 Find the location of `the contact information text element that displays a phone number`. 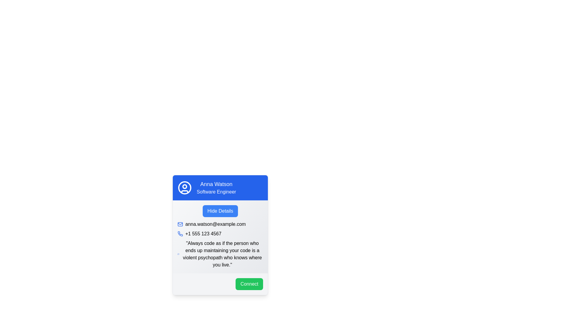

the contact information text element that displays a phone number is located at coordinates (220, 234).